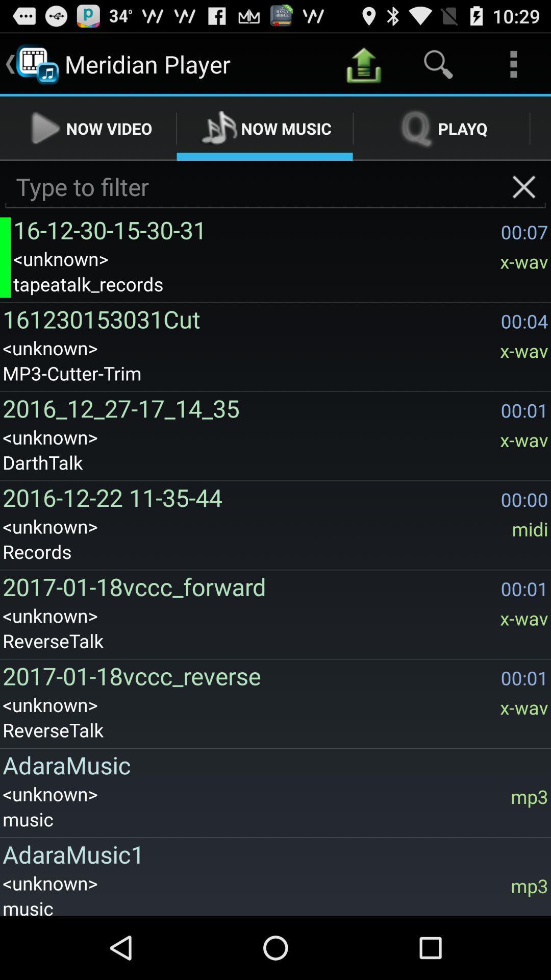 The width and height of the screenshot is (551, 980). I want to click on item above the 161230153031cut, so click(281, 284).